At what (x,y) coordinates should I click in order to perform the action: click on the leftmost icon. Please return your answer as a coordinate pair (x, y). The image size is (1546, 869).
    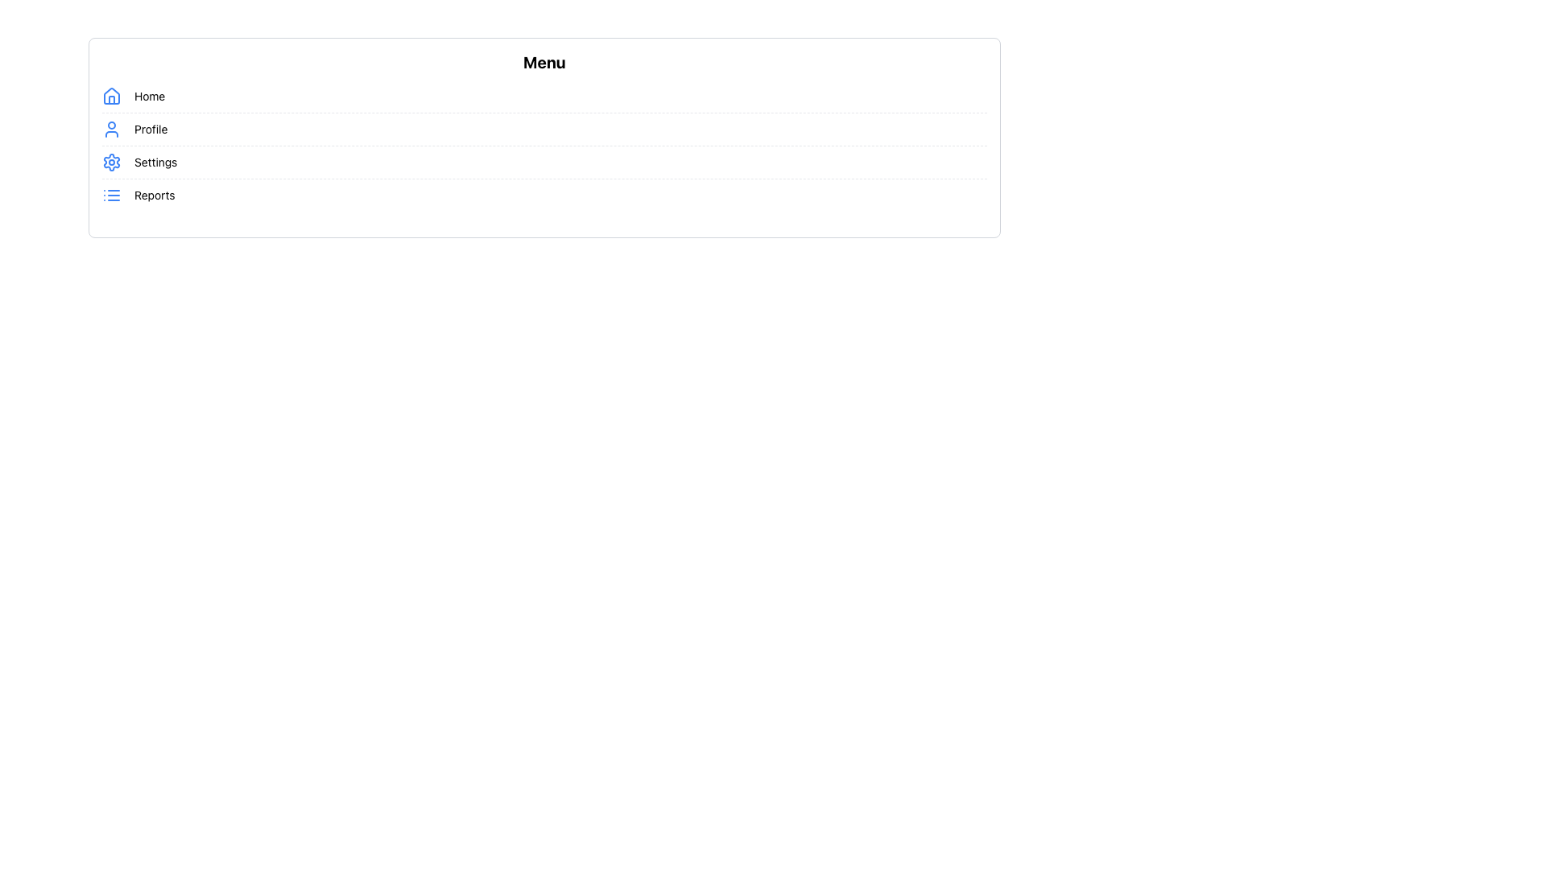
    Looking at the image, I should click on (111, 129).